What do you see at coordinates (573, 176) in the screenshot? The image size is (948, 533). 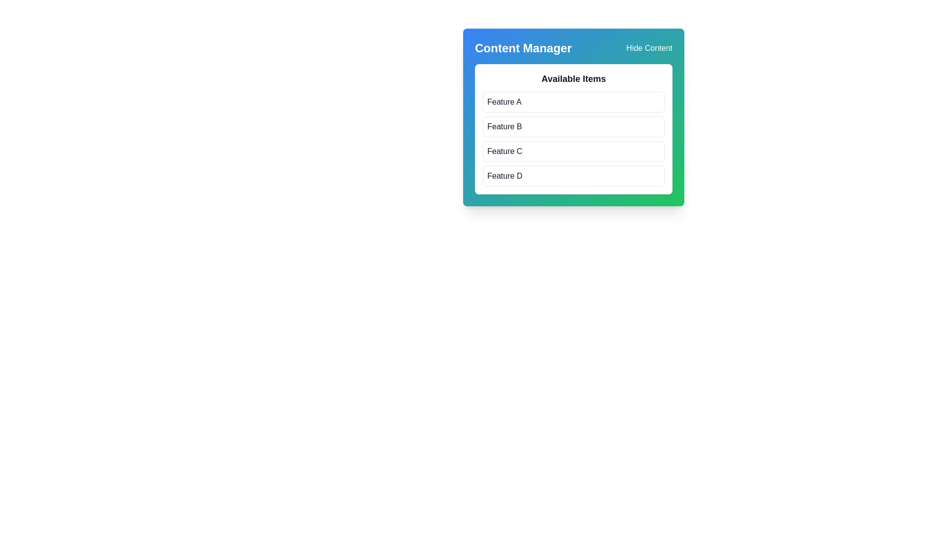 I see `the fourth item in the list labeled 'Feature D' within the 'Available Items' card in the 'Content Manager' panel` at bounding box center [573, 176].